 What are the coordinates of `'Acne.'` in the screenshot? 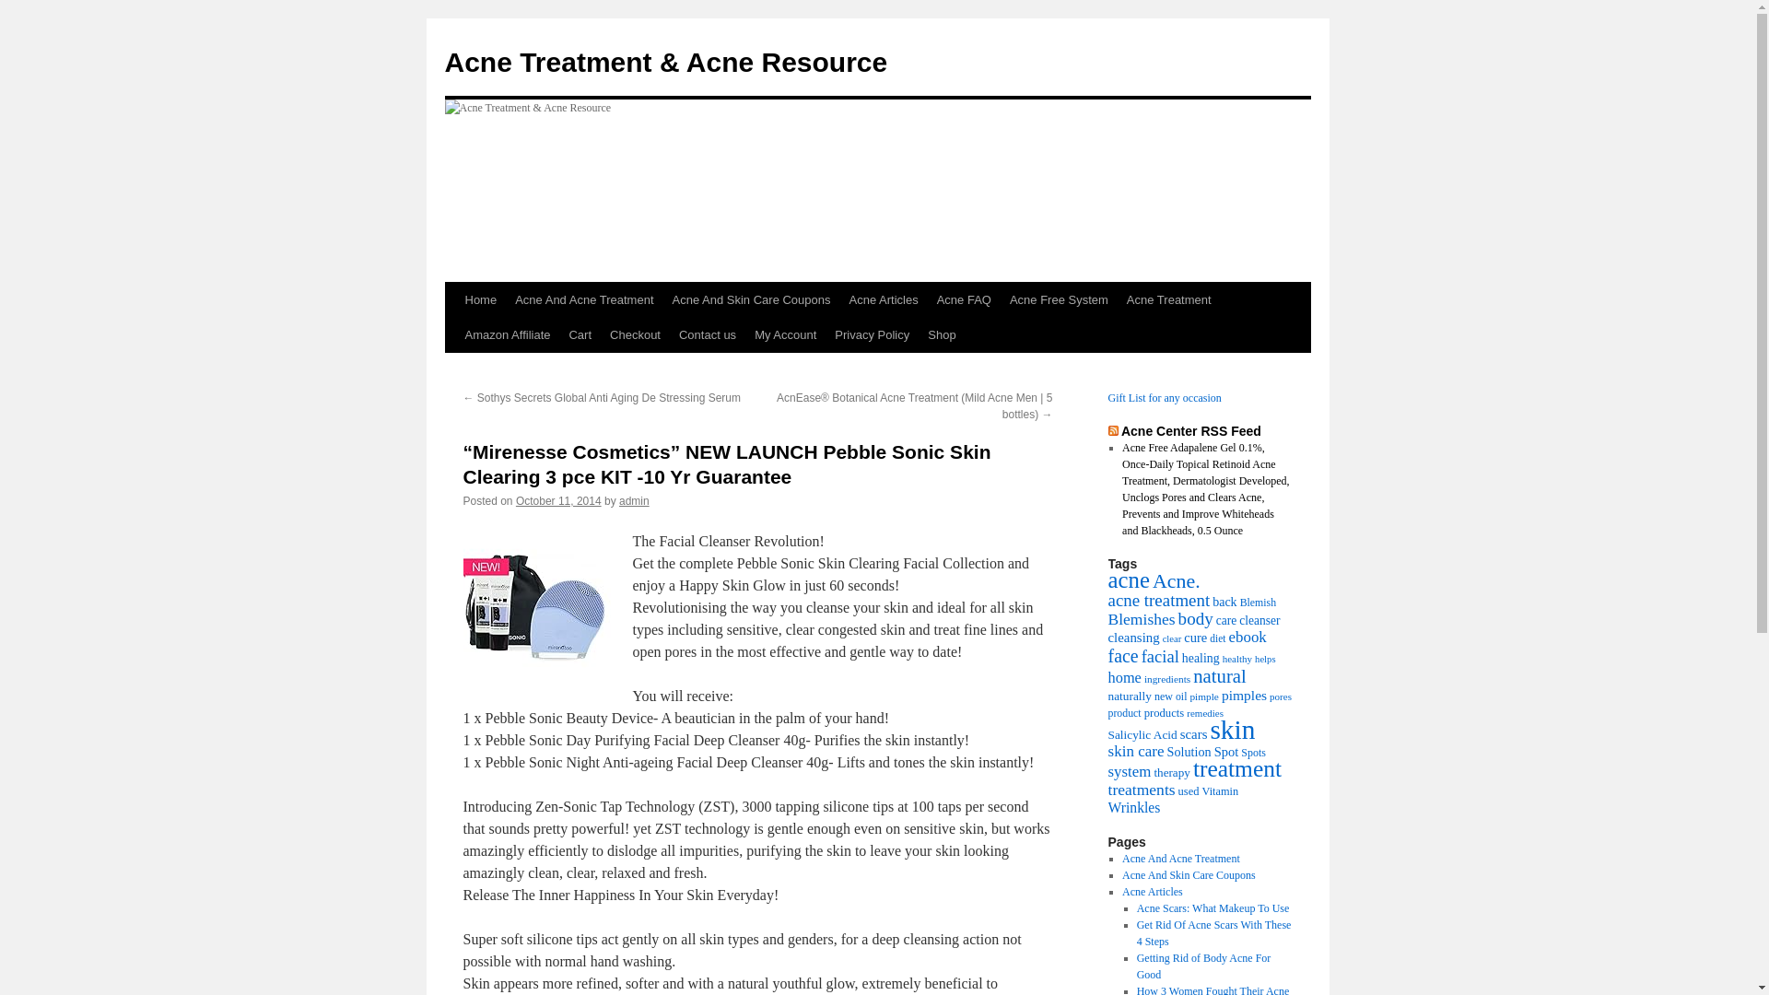 It's located at (1175, 580).